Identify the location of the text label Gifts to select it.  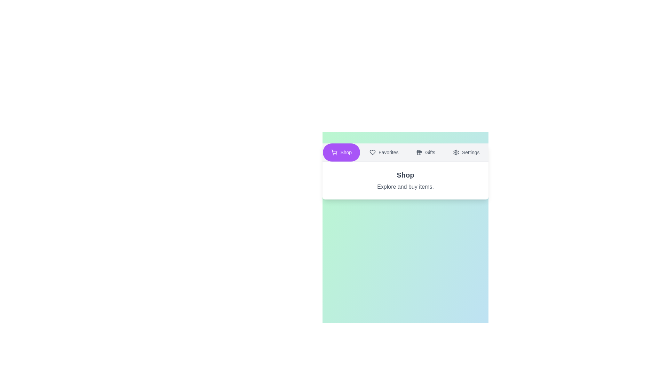
(425, 152).